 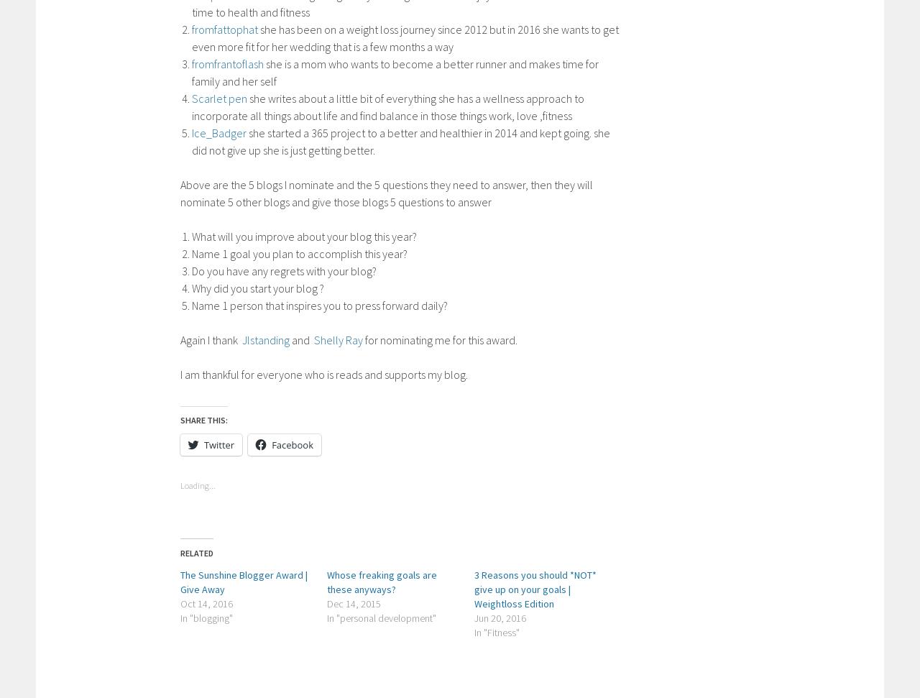 What do you see at coordinates (191, 286) in the screenshot?
I see `'Why did you start your blog ?'` at bounding box center [191, 286].